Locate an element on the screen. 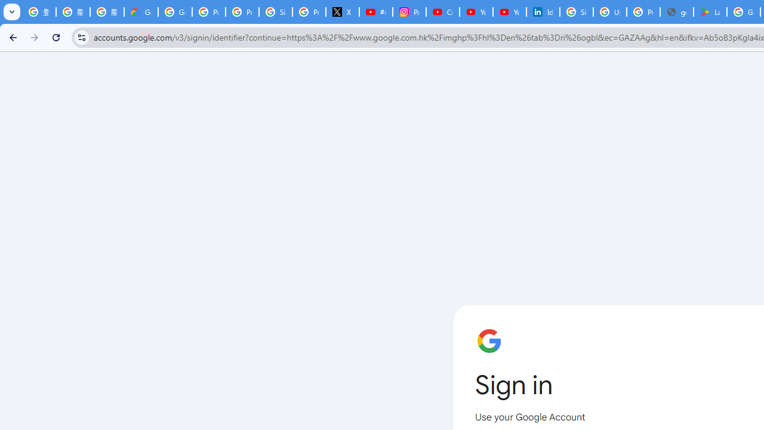  'YouTube Culture & Trends - YouTube Top 10, 2021' is located at coordinates (509, 12).